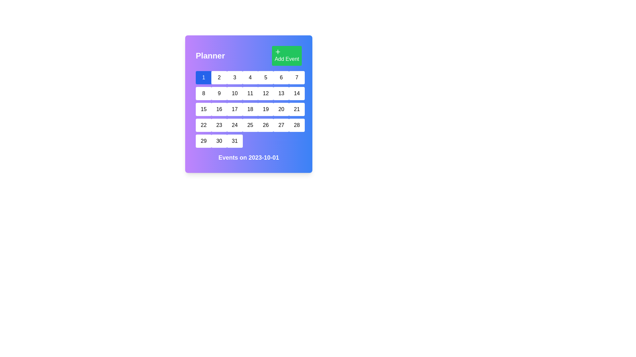 The width and height of the screenshot is (636, 357). I want to click on the calendar interface, so click(248, 104).